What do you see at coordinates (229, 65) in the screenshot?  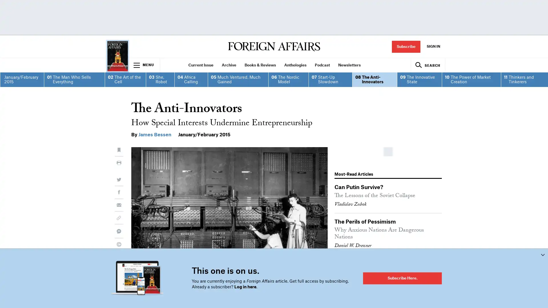 I see `Archive` at bounding box center [229, 65].